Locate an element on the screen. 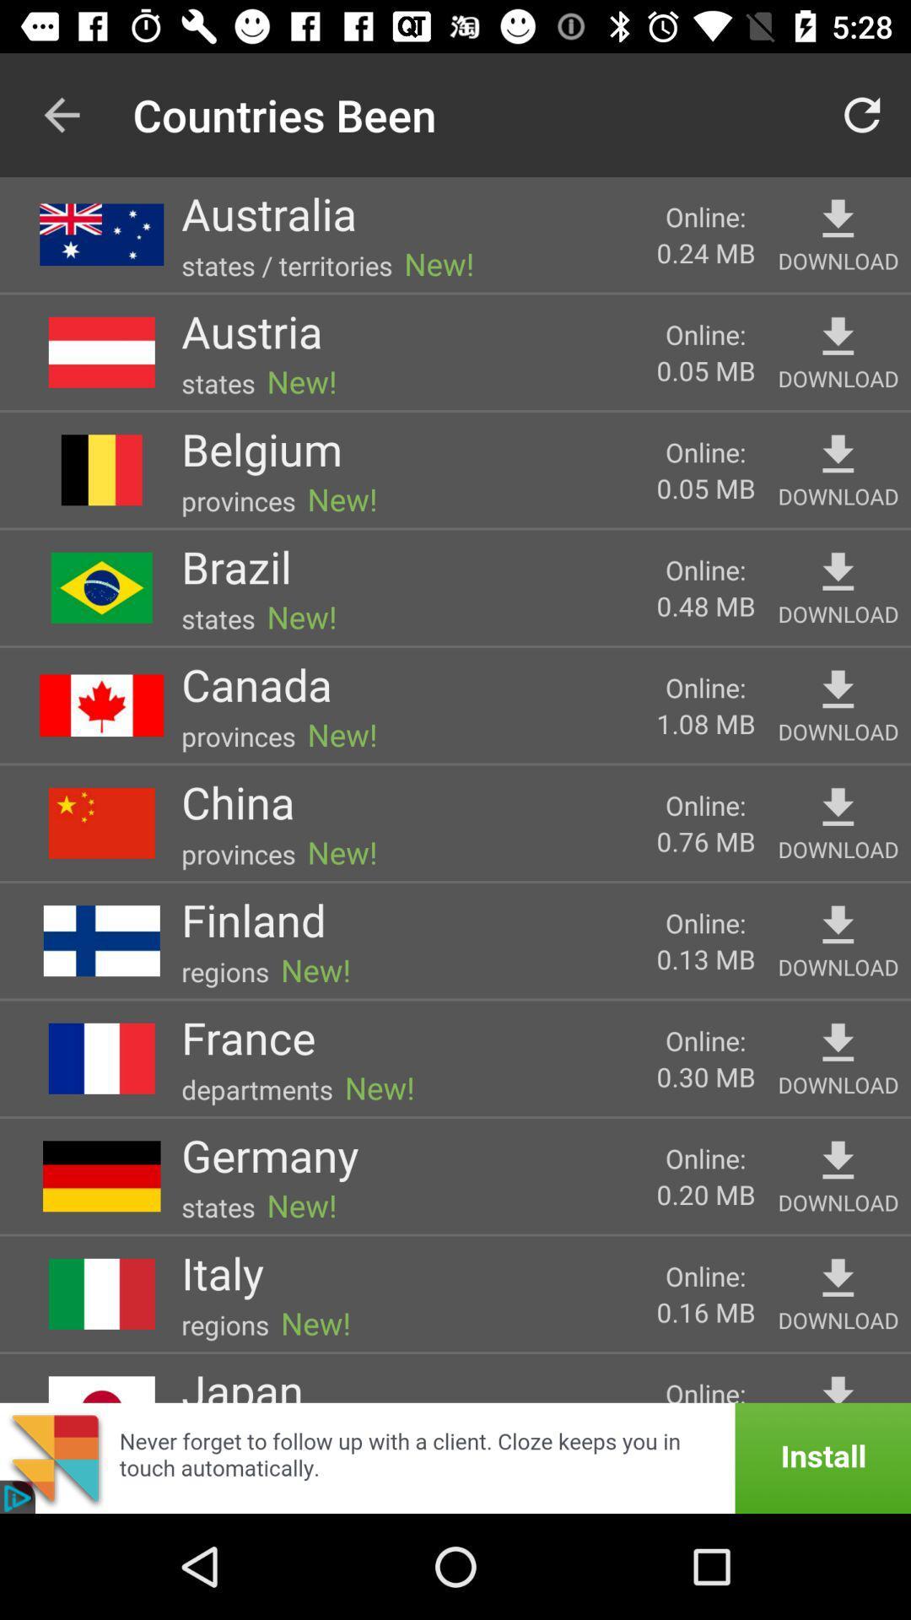 The height and width of the screenshot is (1620, 911). switch to download is located at coordinates (838, 572).